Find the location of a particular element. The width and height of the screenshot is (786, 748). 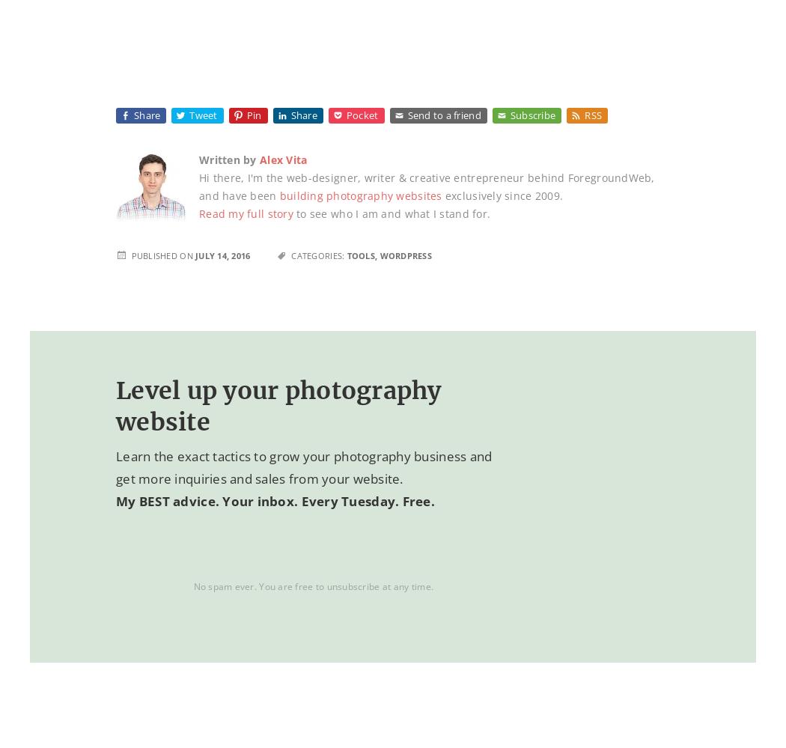

'tools' is located at coordinates (360, 255).